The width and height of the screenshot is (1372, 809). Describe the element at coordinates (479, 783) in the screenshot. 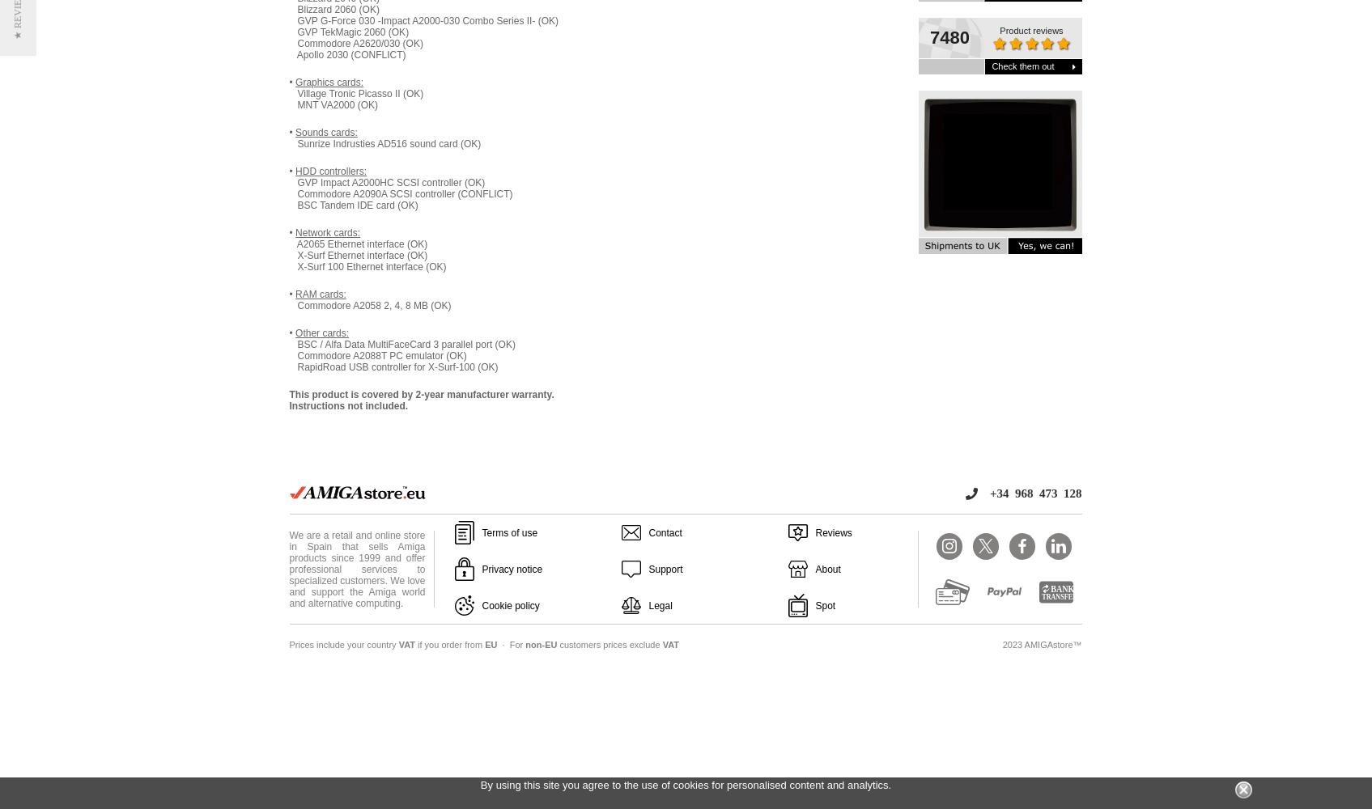

I see `'By using this site you agree to the use of cookies for personalised content and analytics.'` at that location.